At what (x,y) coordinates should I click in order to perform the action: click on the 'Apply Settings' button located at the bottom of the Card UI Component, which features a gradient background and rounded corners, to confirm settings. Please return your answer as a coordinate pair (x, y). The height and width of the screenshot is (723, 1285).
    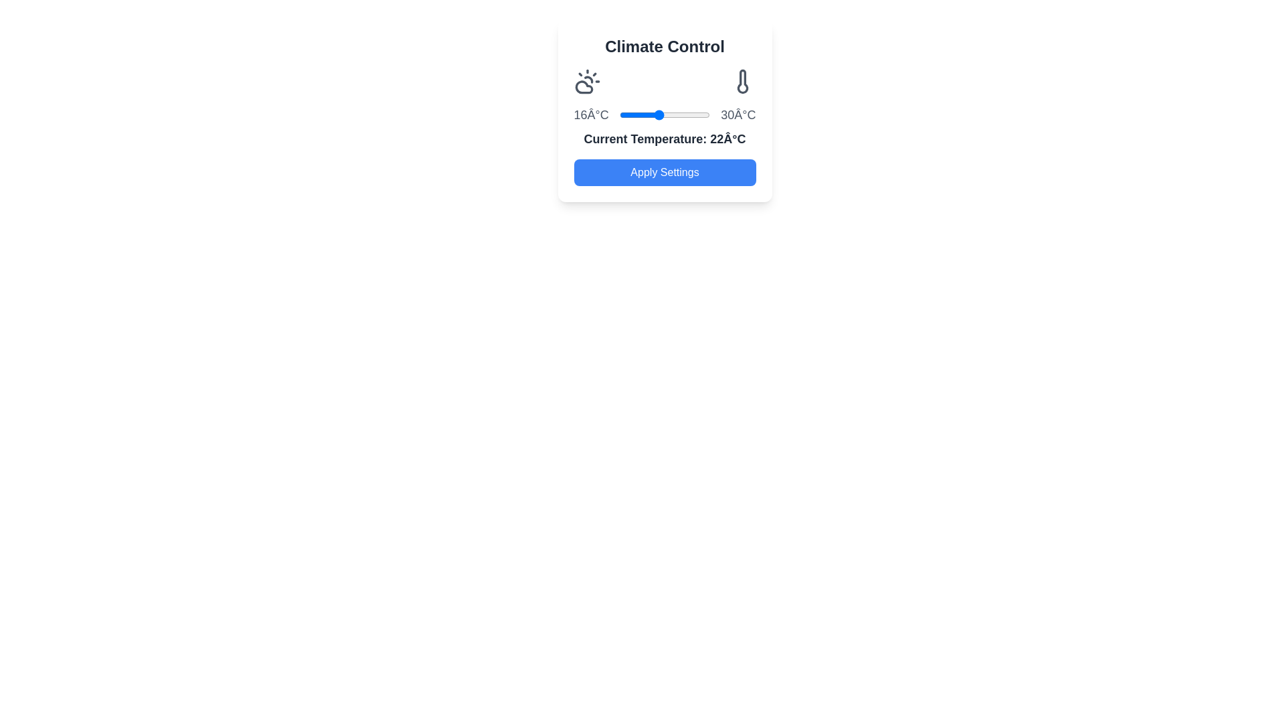
    Looking at the image, I should click on (665, 110).